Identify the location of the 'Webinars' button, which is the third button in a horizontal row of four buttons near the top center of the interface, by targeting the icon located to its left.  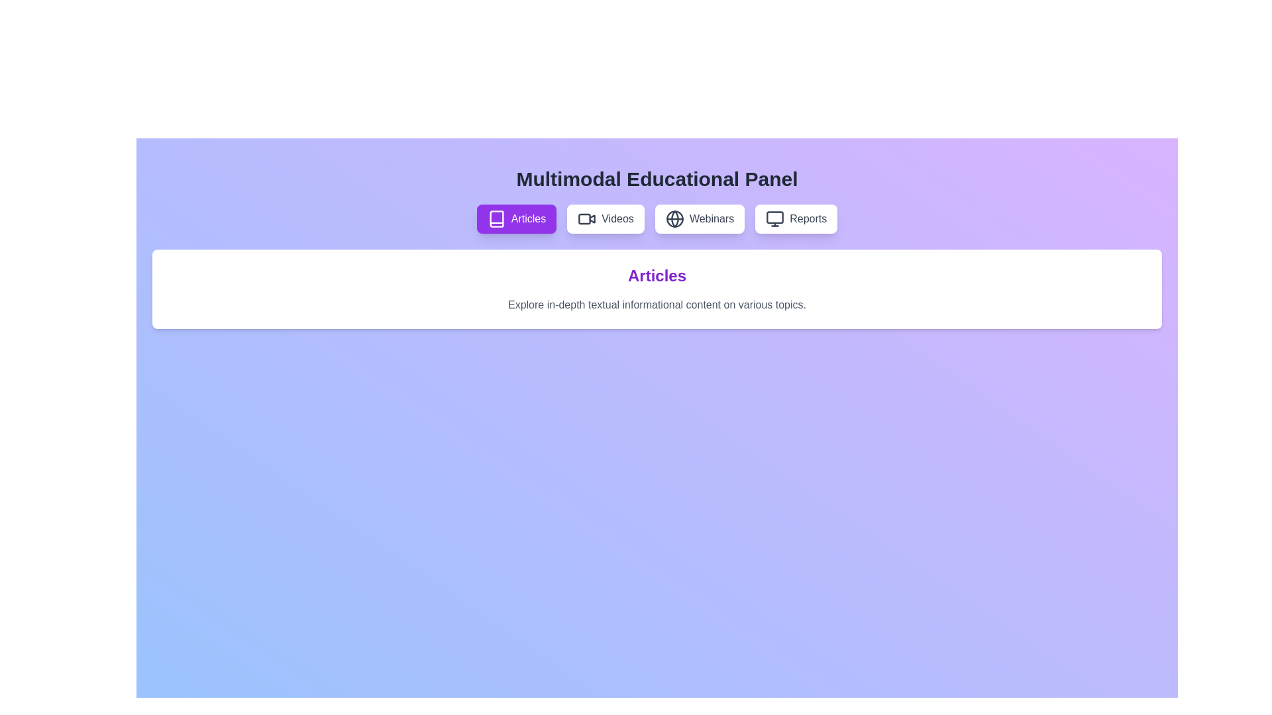
(674, 218).